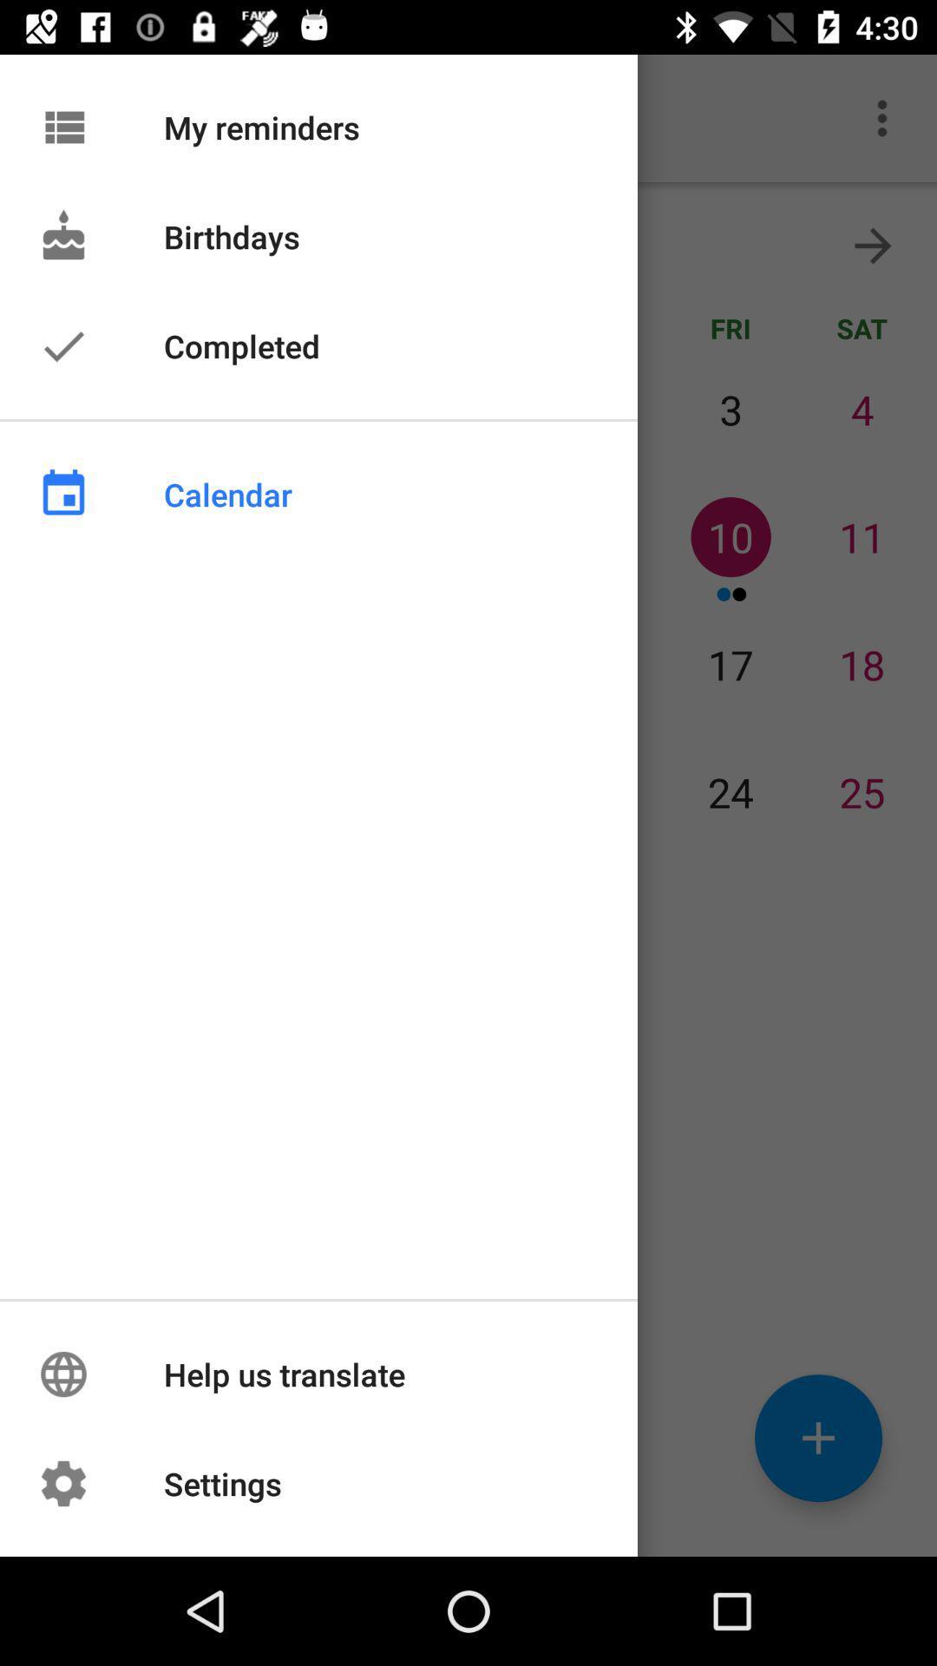 Image resolution: width=937 pixels, height=1666 pixels. I want to click on the three vertical dot icon at the top right corner, so click(882, 118).